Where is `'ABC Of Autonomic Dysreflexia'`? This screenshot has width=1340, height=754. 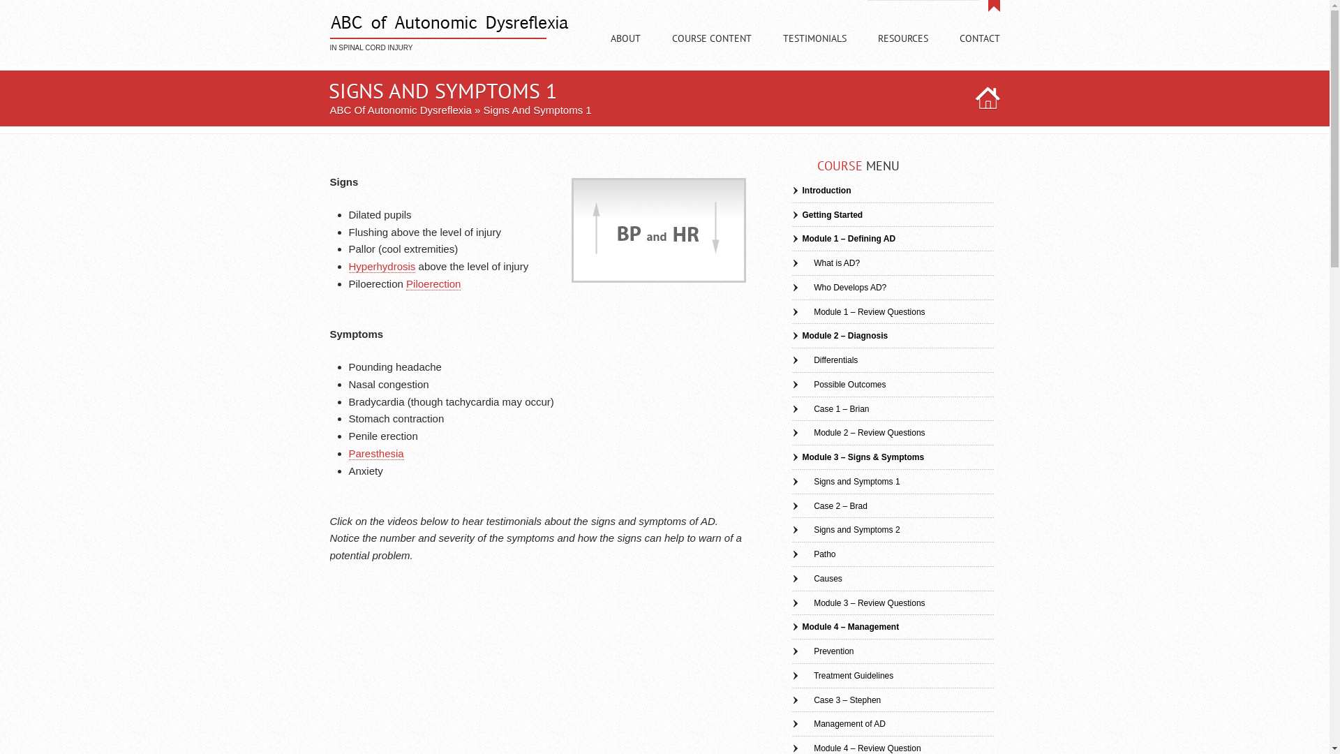 'ABC Of Autonomic Dysreflexia' is located at coordinates (328, 109).